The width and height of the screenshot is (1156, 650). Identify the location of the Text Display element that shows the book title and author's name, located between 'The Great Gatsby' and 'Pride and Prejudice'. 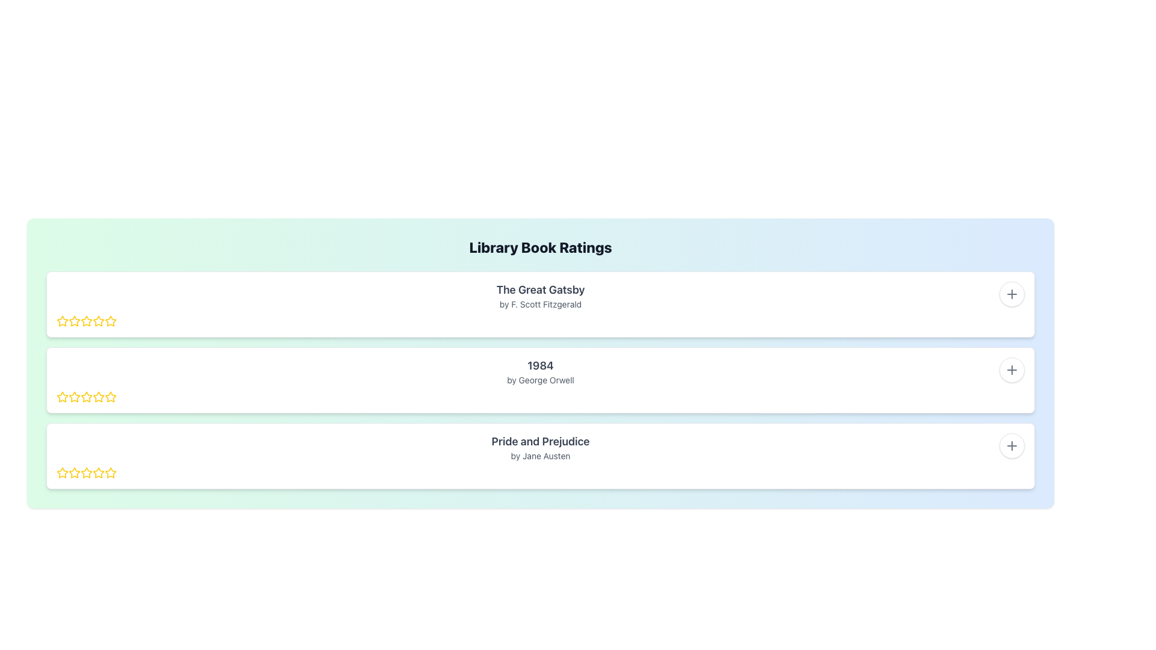
(539, 380).